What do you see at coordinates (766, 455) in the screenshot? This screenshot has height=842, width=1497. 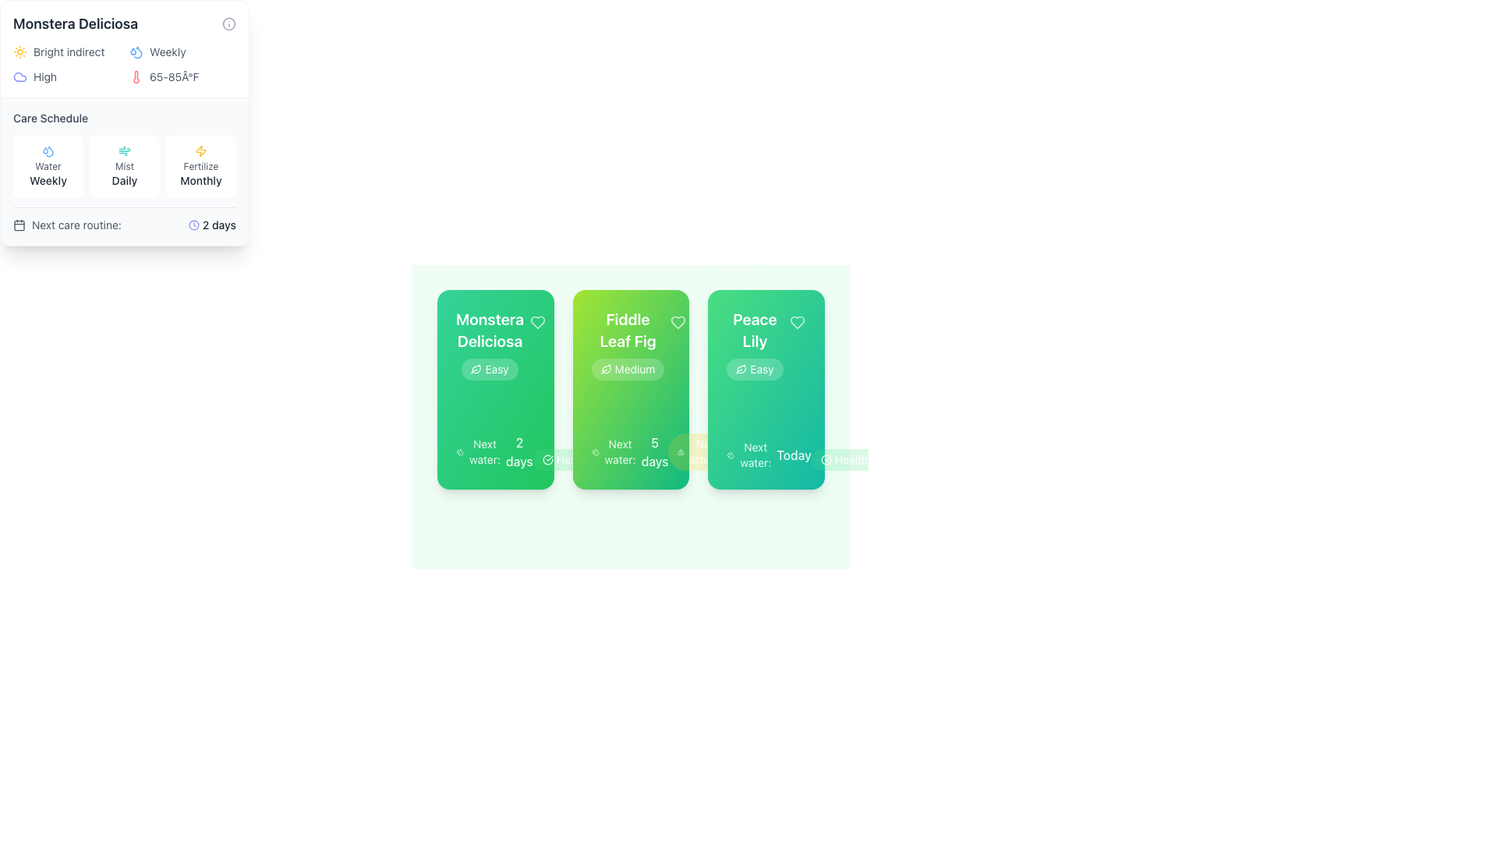 I see `displayed information from the Text Label indicating the next watering schedule for the Peace Lily, which states it is due 'Today'` at bounding box center [766, 455].